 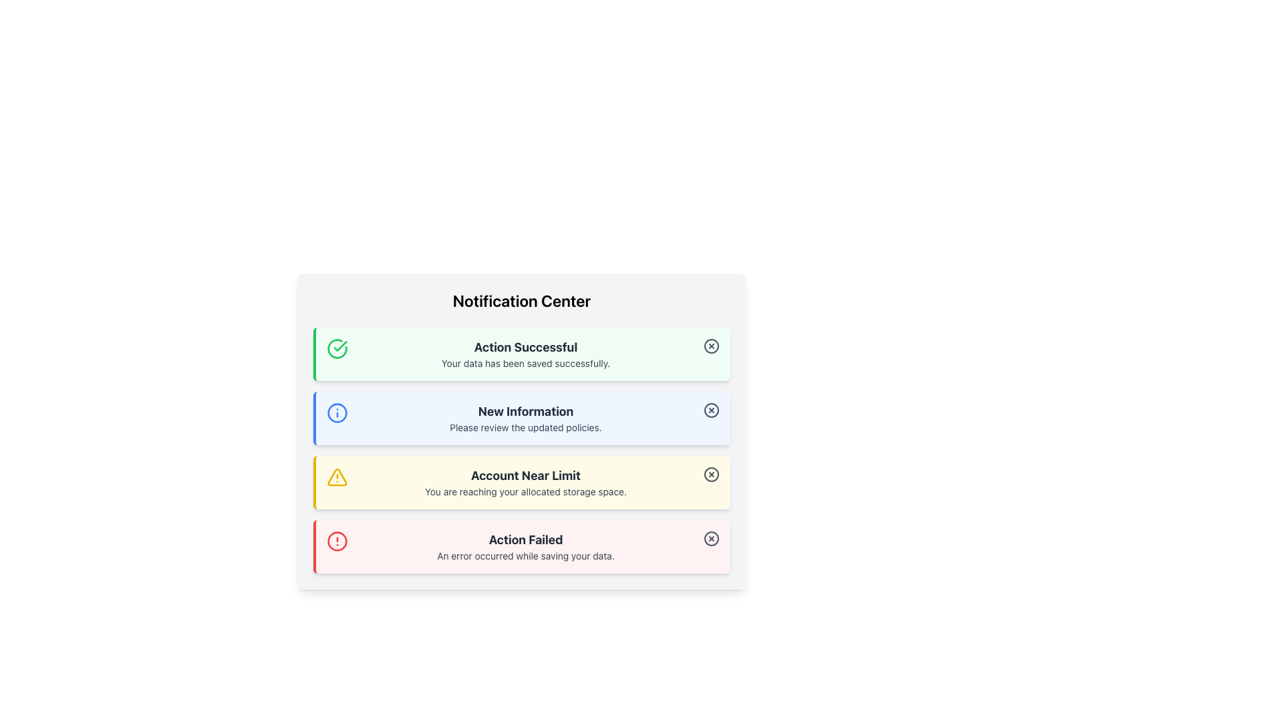 What do you see at coordinates (525, 353) in the screenshot?
I see `the 'Action Successful' notification in the green notification block at the top of the 'Notification Center' panel` at bounding box center [525, 353].